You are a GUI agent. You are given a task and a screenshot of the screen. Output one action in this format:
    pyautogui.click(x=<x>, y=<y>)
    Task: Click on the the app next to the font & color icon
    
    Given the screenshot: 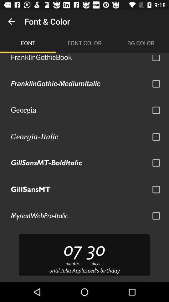 What is the action you would take?
    pyautogui.click(x=11, y=21)
    